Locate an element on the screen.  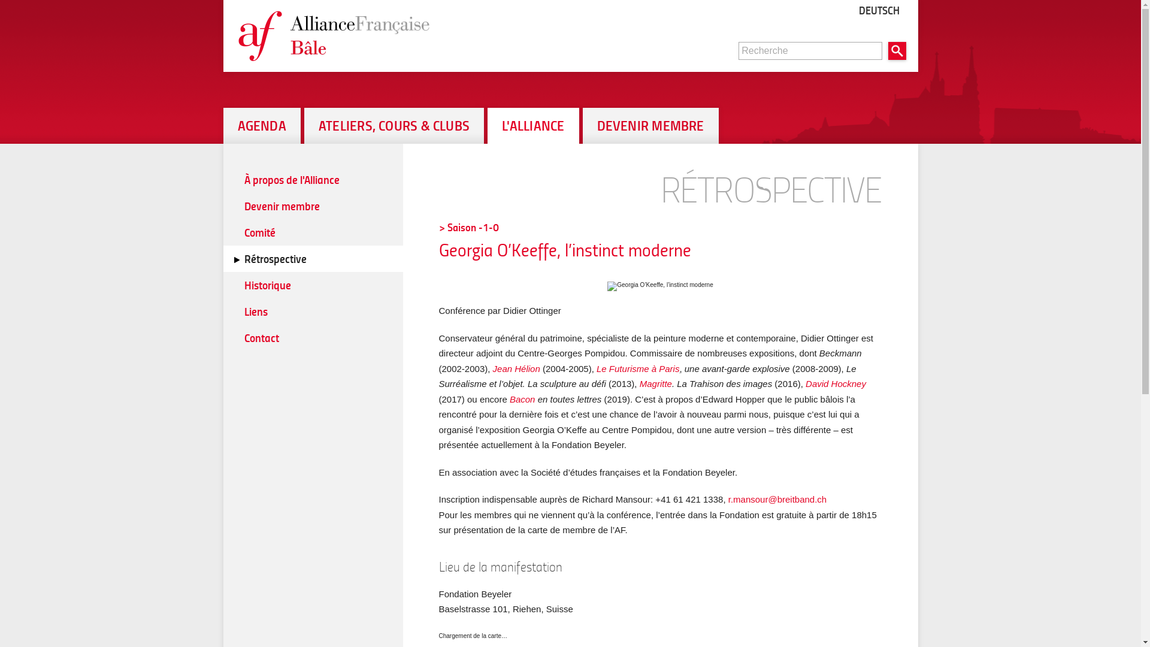
'ATELIERS, COURS & CLUBS' is located at coordinates (394, 125).